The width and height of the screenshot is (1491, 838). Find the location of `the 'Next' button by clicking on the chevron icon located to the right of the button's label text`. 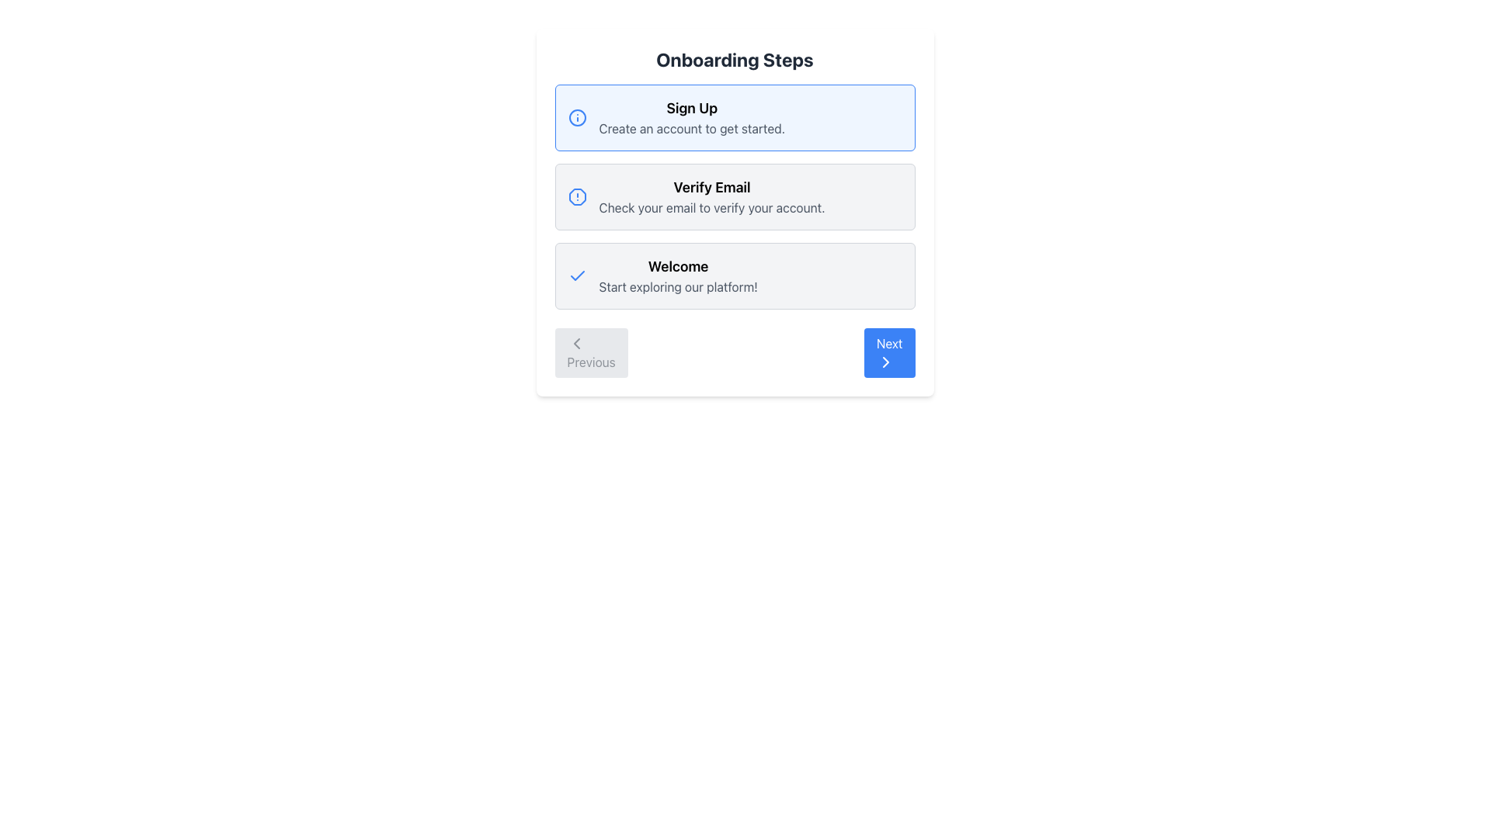

the 'Next' button by clicking on the chevron icon located to the right of the button's label text is located at coordinates (885, 362).